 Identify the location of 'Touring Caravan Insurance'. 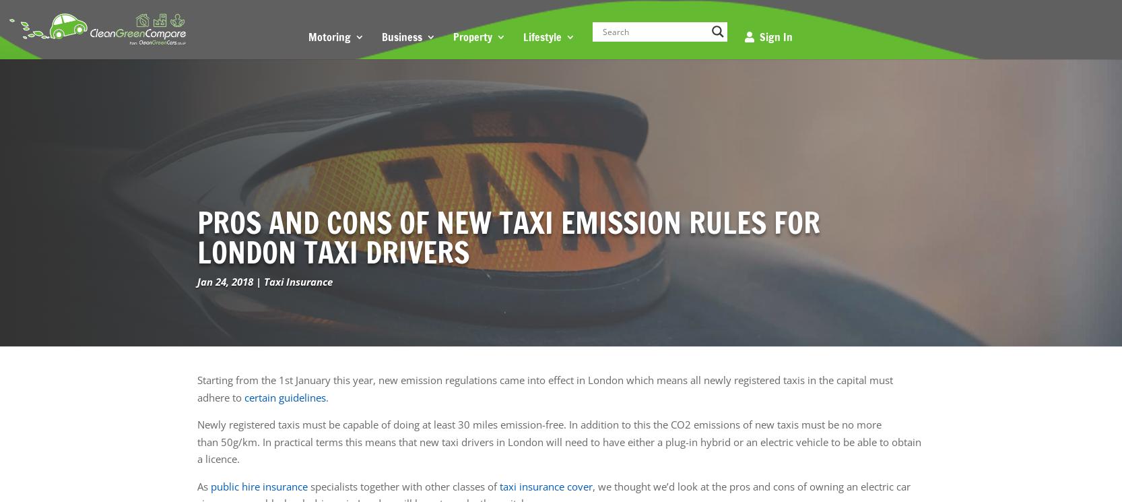
(597, 201).